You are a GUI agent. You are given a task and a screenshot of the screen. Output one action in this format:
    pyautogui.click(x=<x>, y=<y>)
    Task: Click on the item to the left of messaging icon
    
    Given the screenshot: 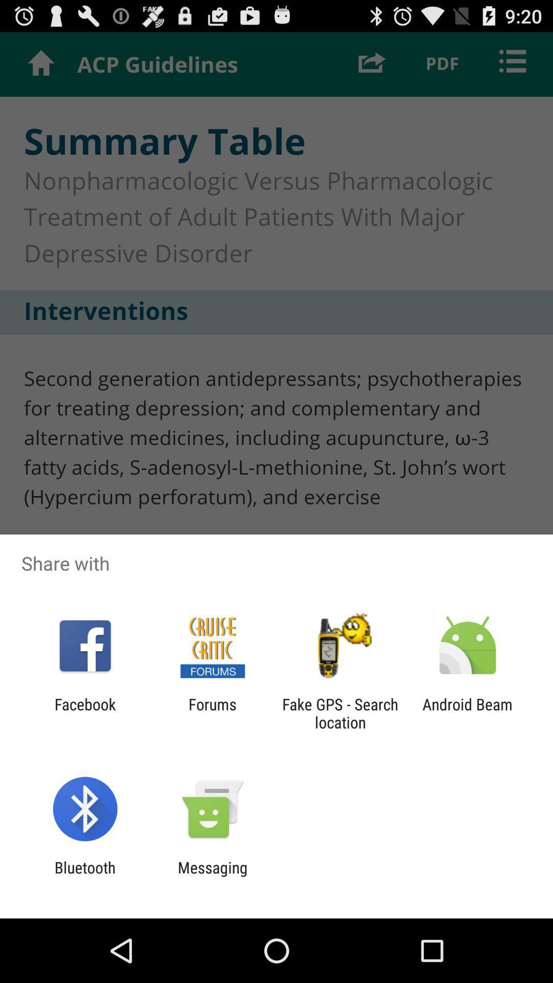 What is the action you would take?
    pyautogui.click(x=84, y=876)
    